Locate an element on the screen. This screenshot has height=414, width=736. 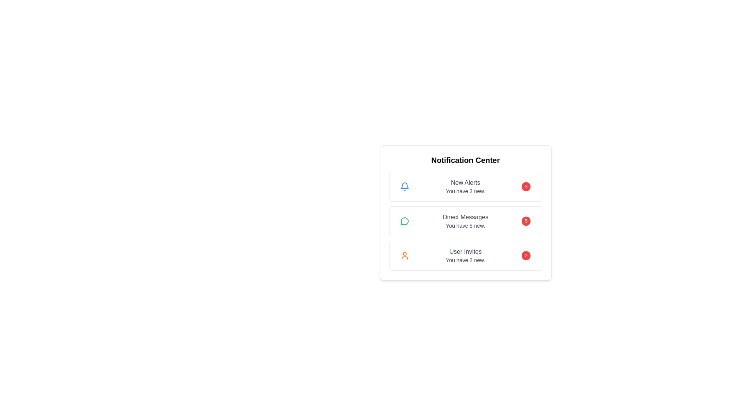
the notification bell icon styled in blue, located to the left of the 'New Alerts' text in the row is located at coordinates (404, 186).